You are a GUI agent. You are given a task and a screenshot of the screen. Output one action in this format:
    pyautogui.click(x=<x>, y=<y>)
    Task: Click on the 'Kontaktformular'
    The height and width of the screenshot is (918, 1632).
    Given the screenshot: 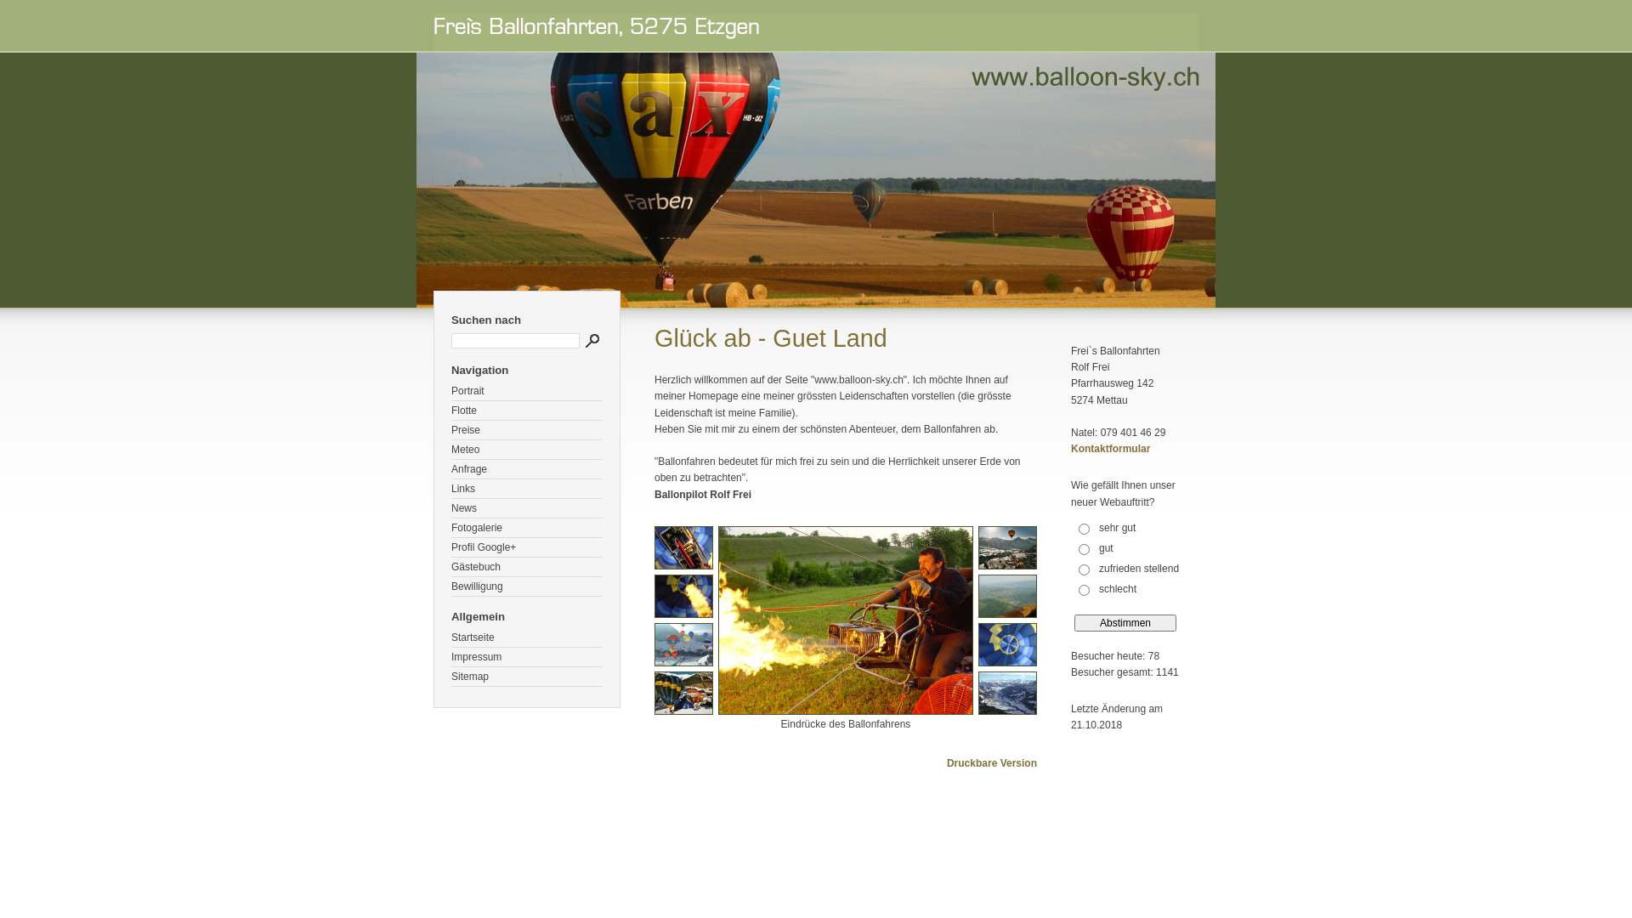 What is the action you would take?
    pyautogui.click(x=1110, y=448)
    